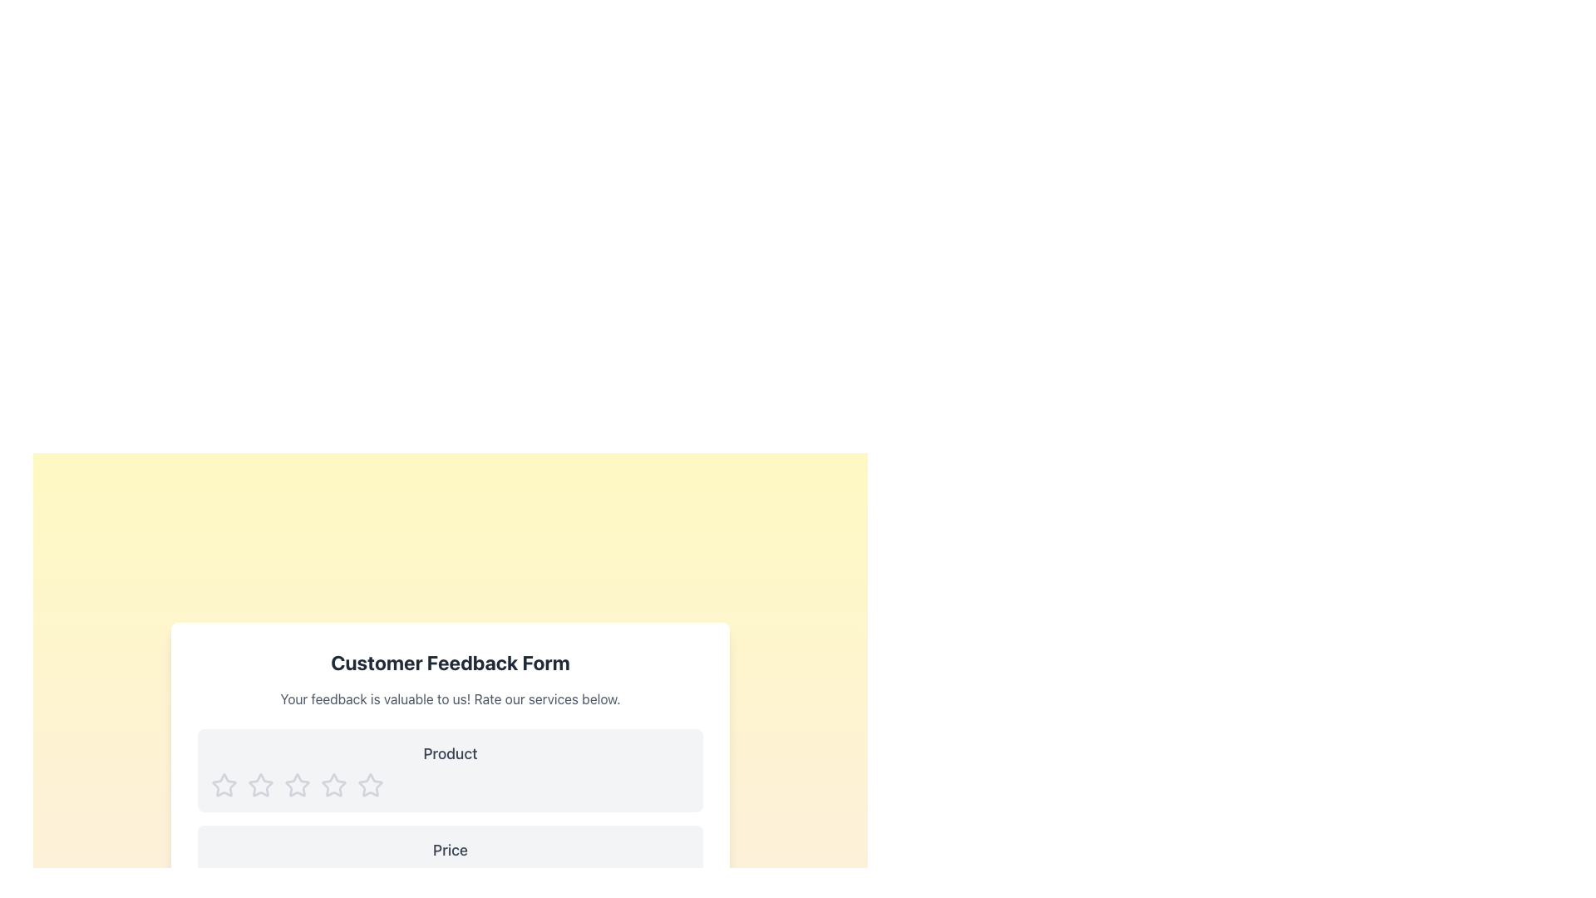  What do you see at coordinates (370, 785) in the screenshot?
I see `the fourth star icon in the 'Product' rating section` at bounding box center [370, 785].